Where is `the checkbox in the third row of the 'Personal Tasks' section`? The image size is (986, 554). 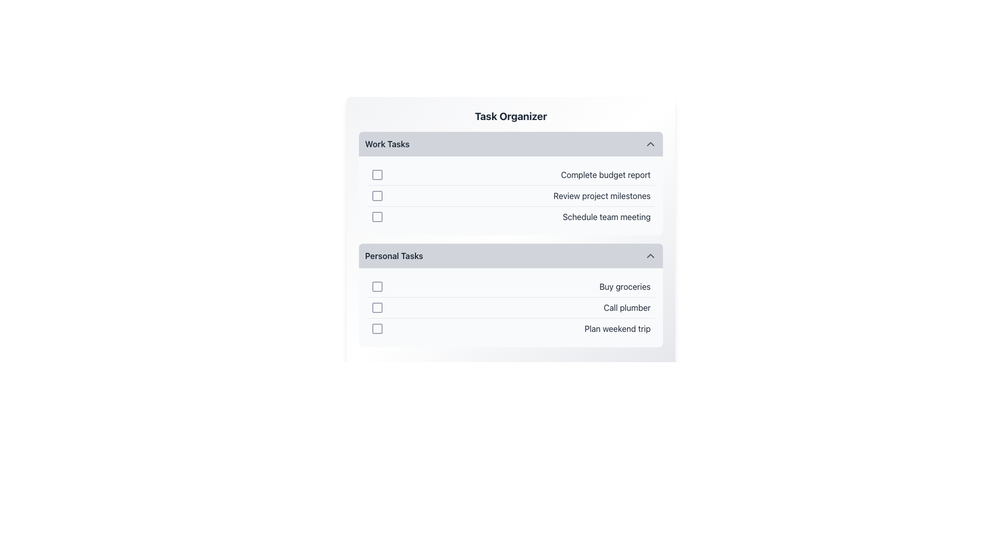 the checkbox in the third row of the 'Personal Tasks' section is located at coordinates (376, 328).